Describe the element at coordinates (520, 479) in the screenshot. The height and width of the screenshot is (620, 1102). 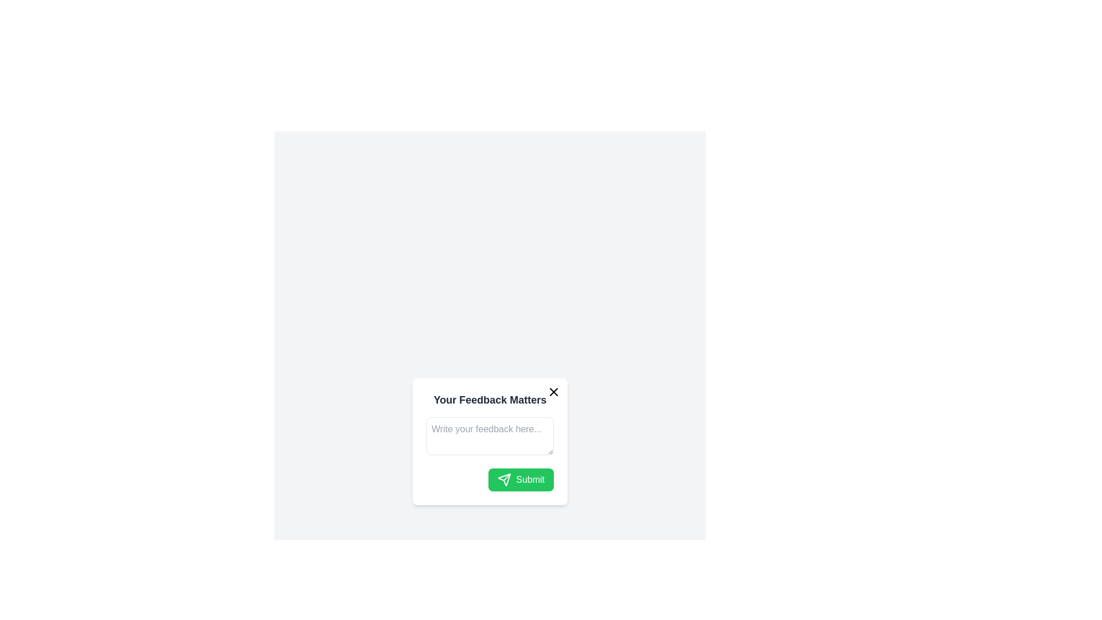
I see `the submit button located at the bottom-right corner of the modal dialog` at that location.